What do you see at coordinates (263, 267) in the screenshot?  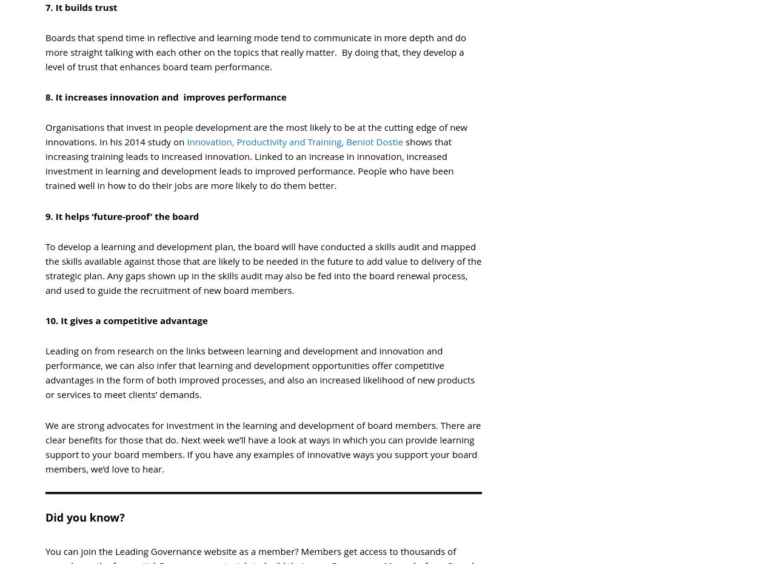 I see `'To develop a learning and development plan, the board will have conducted a skills audit and mapped the skills available against those that are likely to be needed in the future to add value to delivery of the strategic plan. Any gaps shown up in the skills audit may also be fed into the board renewal process, and used to guide the recruitment of new board members.'` at bounding box center [263, 267].